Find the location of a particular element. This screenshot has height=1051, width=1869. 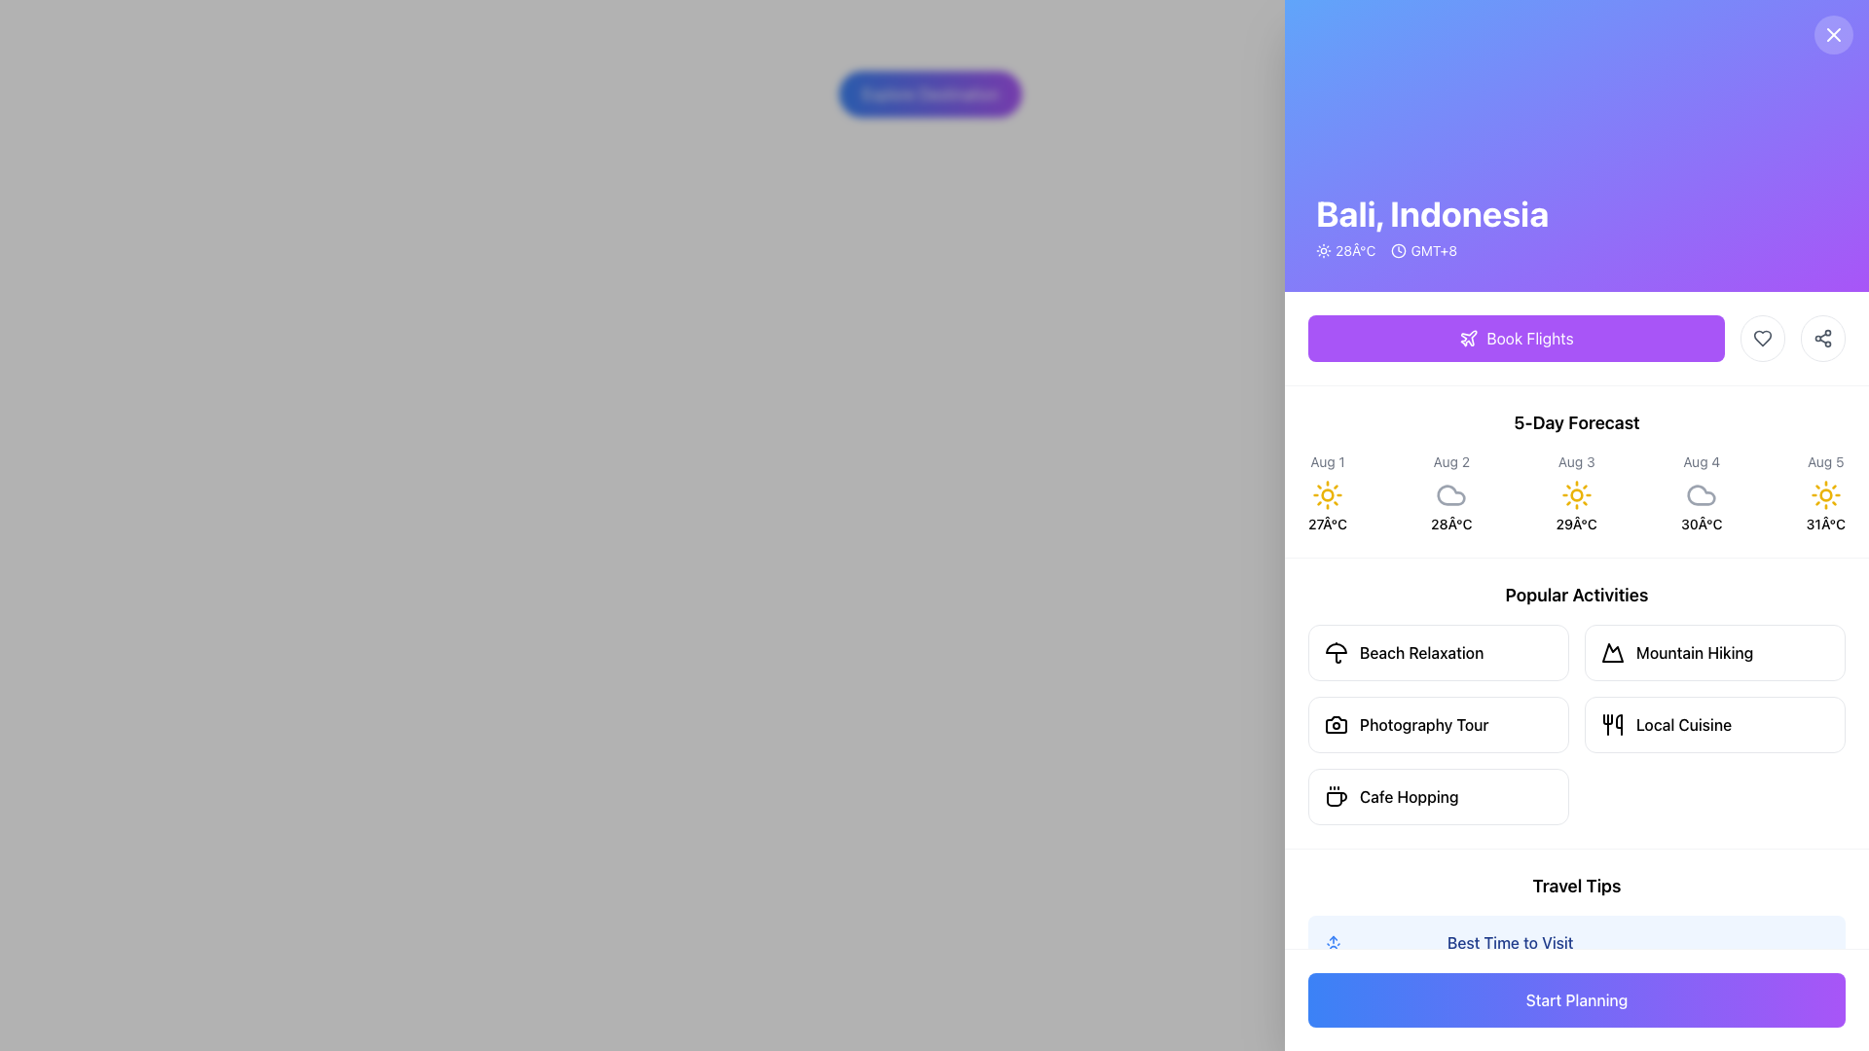

the 'Cafe Hopping' button located in the 'Popular Activities' grid, which features a coffee cup icon and is the fourth button in the layout is located at coordinates (1439, 796).